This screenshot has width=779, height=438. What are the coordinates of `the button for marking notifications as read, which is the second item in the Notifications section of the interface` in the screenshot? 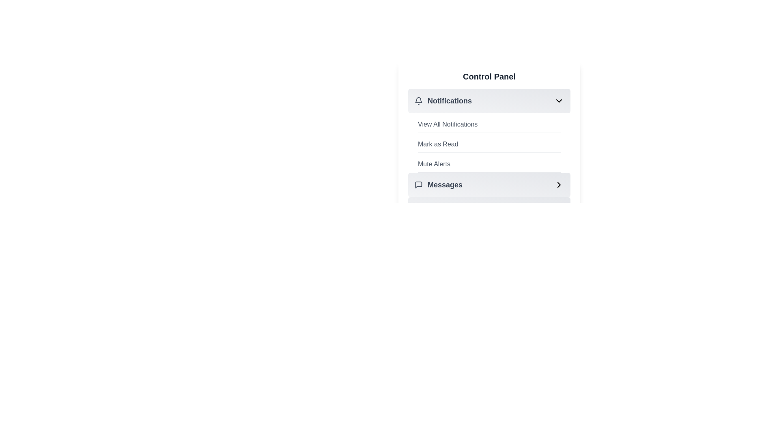 It's located at (488, 144).